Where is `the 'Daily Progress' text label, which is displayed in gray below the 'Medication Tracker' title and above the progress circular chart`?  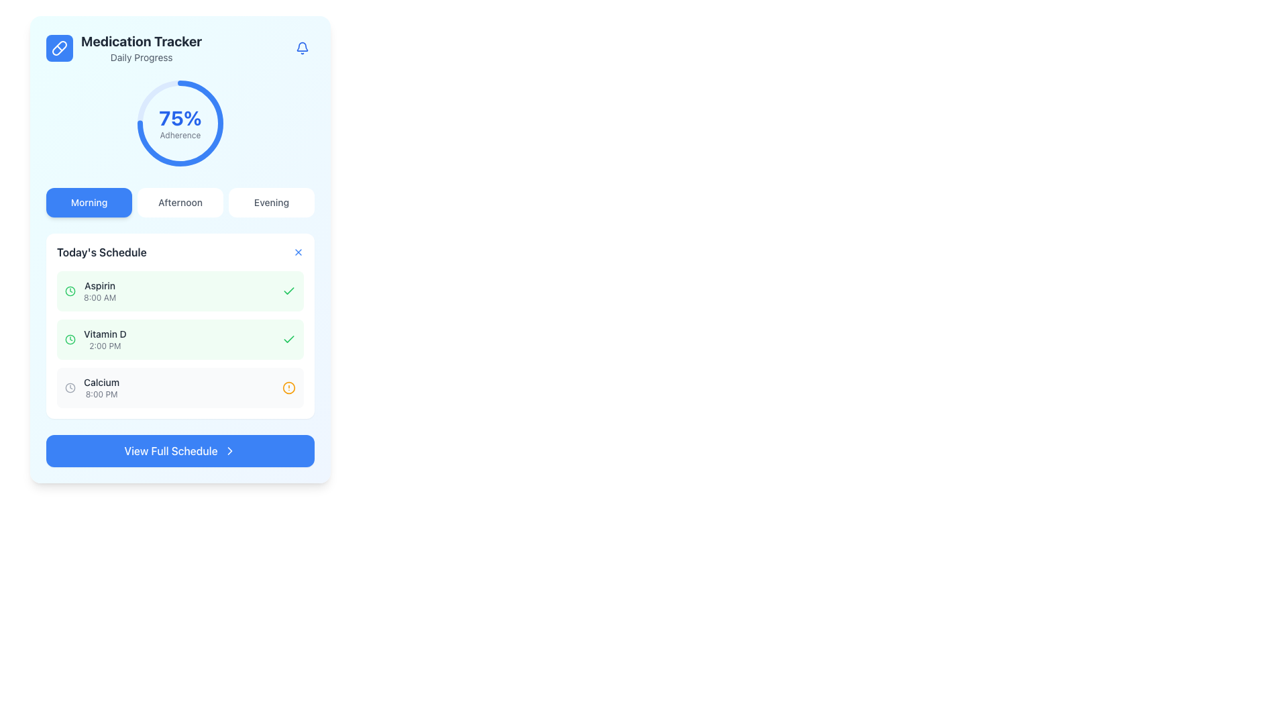
the 'Daily Progress' text label, which is displayed in gray below the 'Medication Tracker' title and above the progress circular chart is located at coordinates (142, 56).